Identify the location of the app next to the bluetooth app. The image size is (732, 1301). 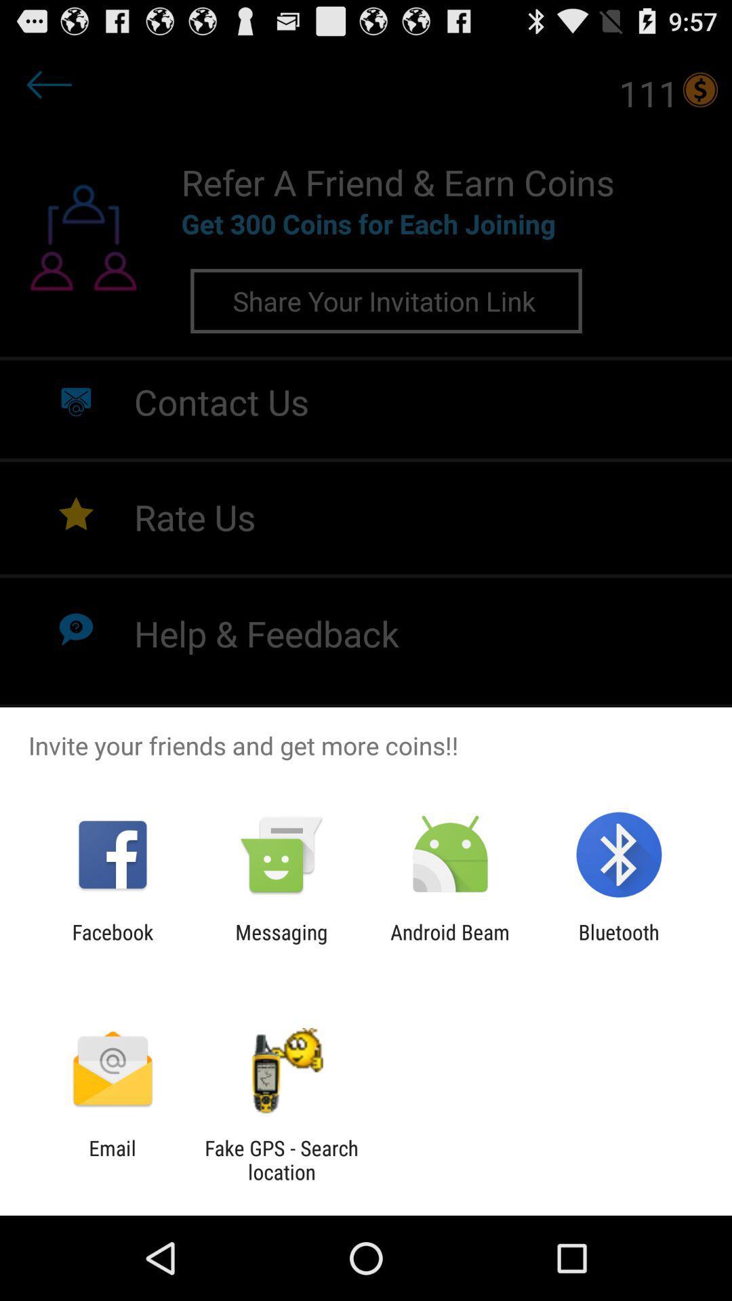
(450, 943).